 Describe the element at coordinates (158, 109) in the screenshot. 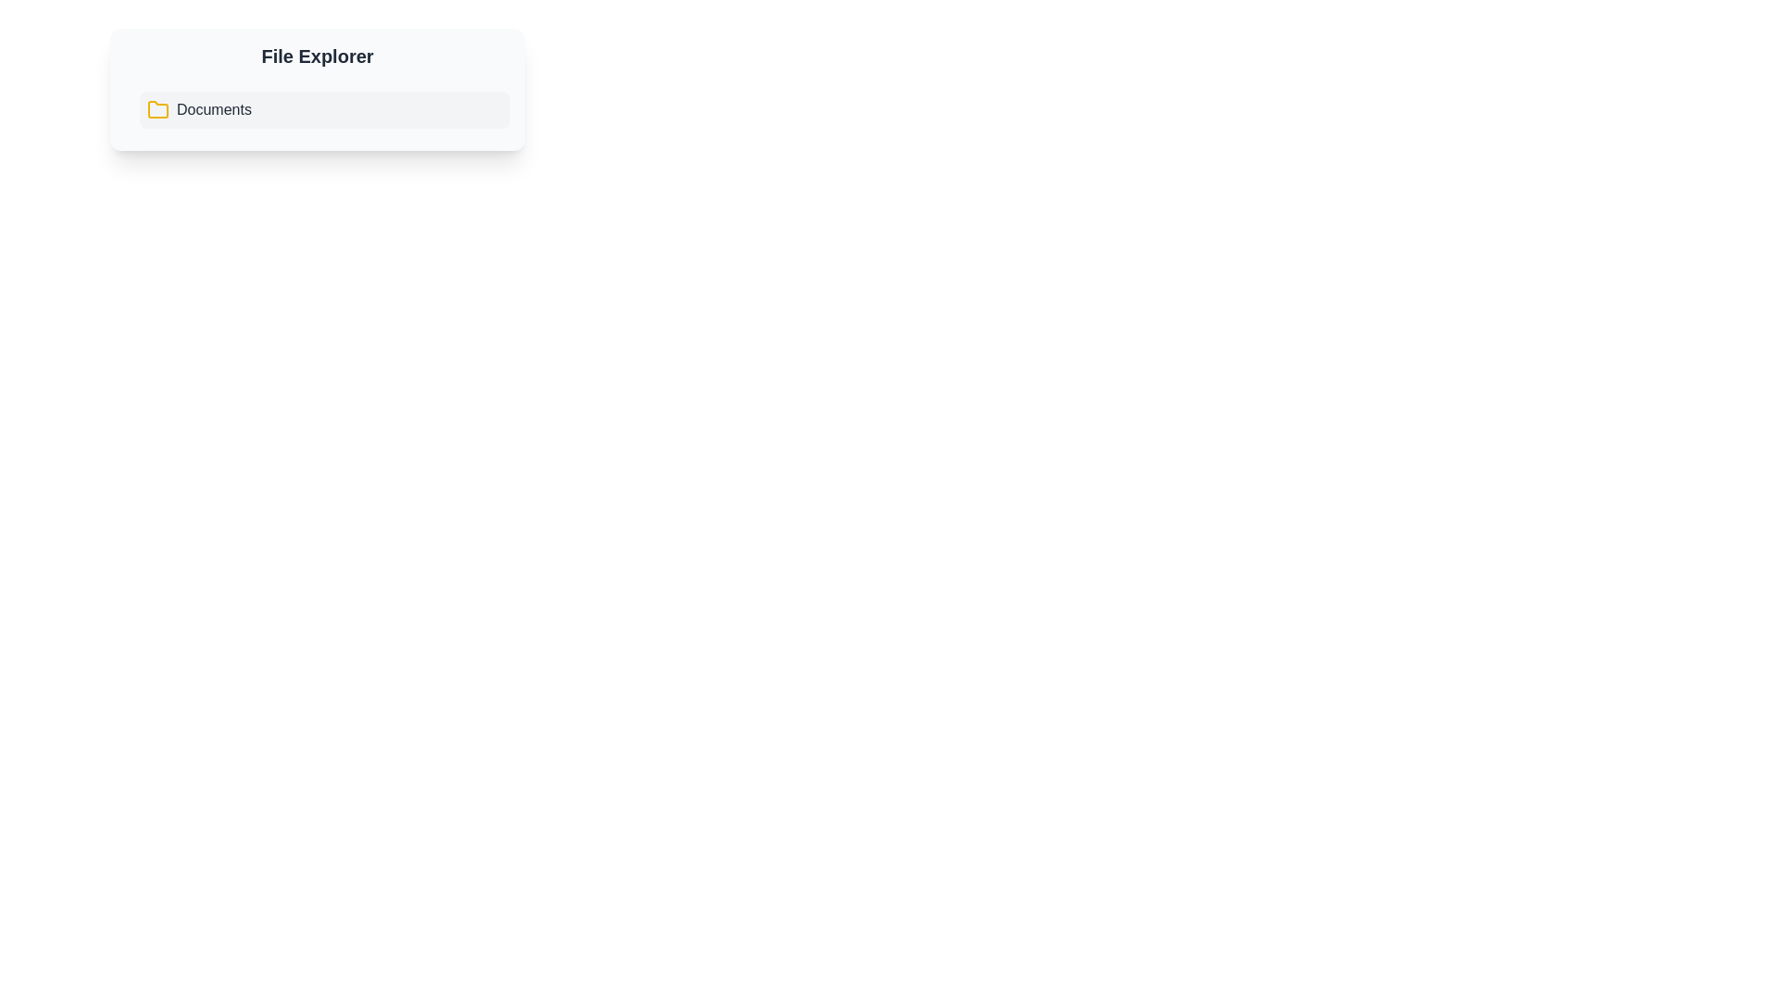

I see `the folder icon located to the left of the 'Documents' label in the file explorer interface` at that location.